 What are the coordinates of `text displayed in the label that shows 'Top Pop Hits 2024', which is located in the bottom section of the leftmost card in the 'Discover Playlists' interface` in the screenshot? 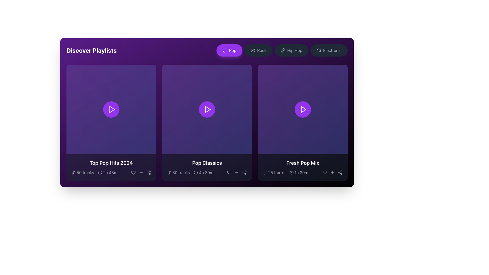 It's located at (111, 163).